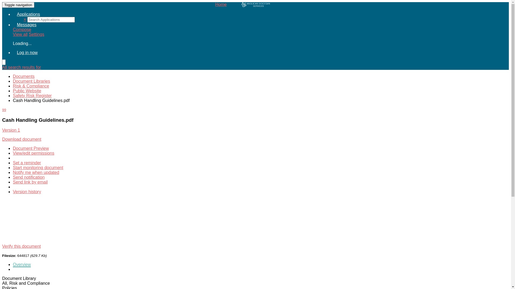 This screenshot has width=515, height=289. Describe the element at coordinates (20, 34) in the screenshot. I see `'View all'` at that location.